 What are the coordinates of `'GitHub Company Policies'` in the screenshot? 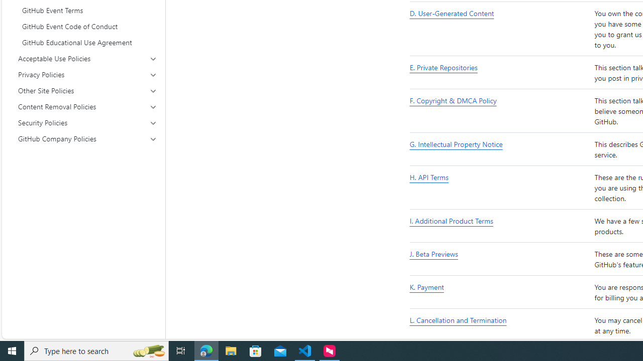 It's located at (87, 138).